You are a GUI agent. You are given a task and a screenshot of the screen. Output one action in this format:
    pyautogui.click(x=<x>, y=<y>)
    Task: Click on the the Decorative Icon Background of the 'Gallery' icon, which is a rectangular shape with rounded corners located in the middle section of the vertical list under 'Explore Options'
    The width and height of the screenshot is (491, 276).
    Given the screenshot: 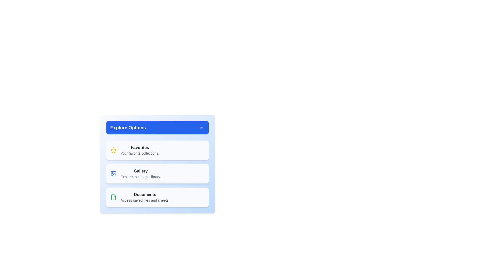 What is the action you would take?
    pyautogui.click(x=113, y=173)
    